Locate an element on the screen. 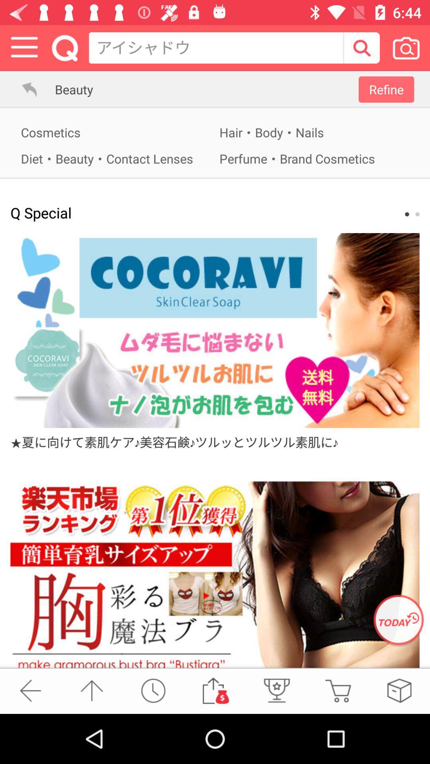 The image size is (430, 764). buscar is located at coordinates (361, 47).